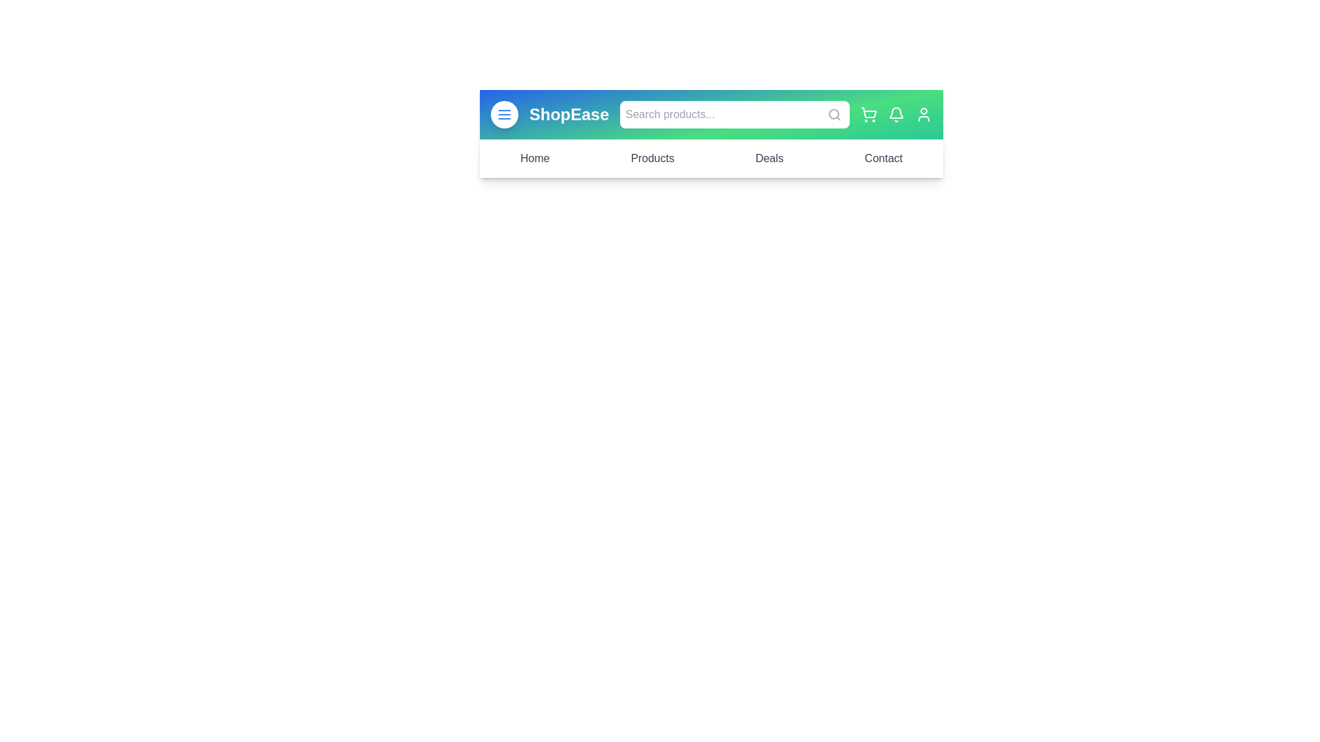  What do you see at coordinates (768, 158) in the screenshot?
I see `the Deals navigation link` at bounding box center [768, 158].